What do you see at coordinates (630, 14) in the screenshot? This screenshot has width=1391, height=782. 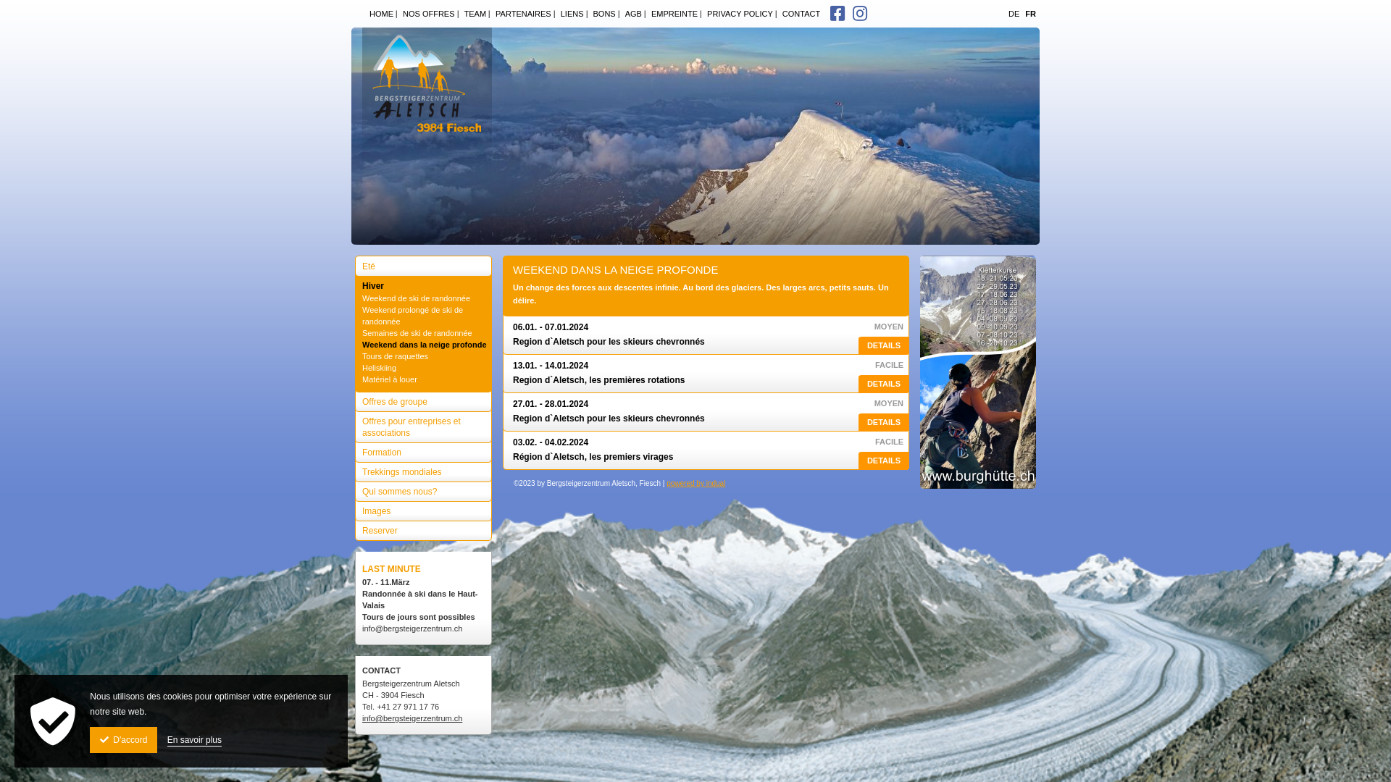 I see `'AGB'` at bounding box center [630, 14].